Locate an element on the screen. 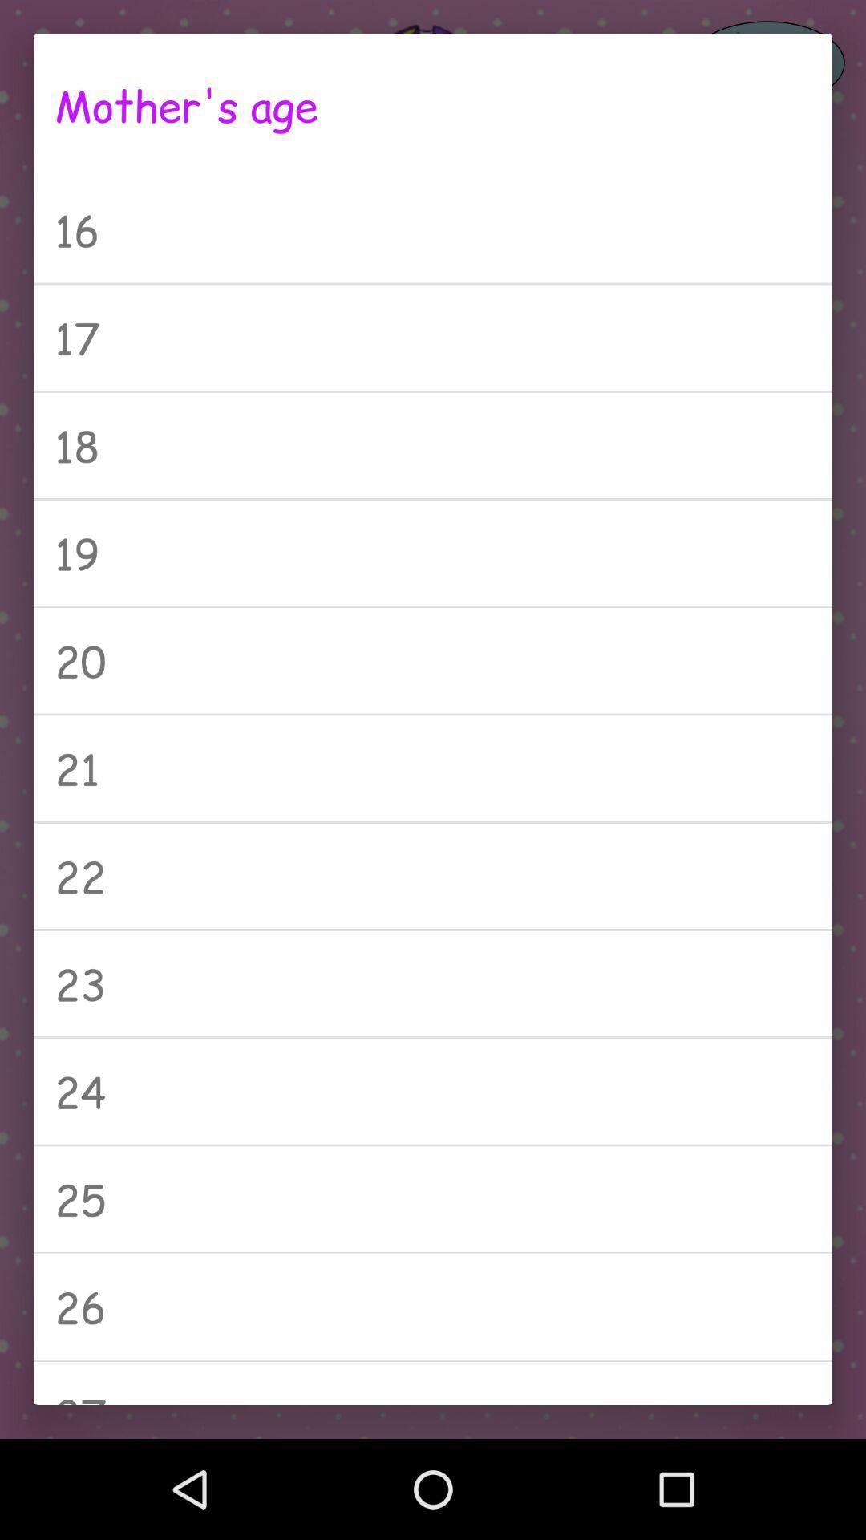  icon above the 22 item is located at coordinates (433, 768).